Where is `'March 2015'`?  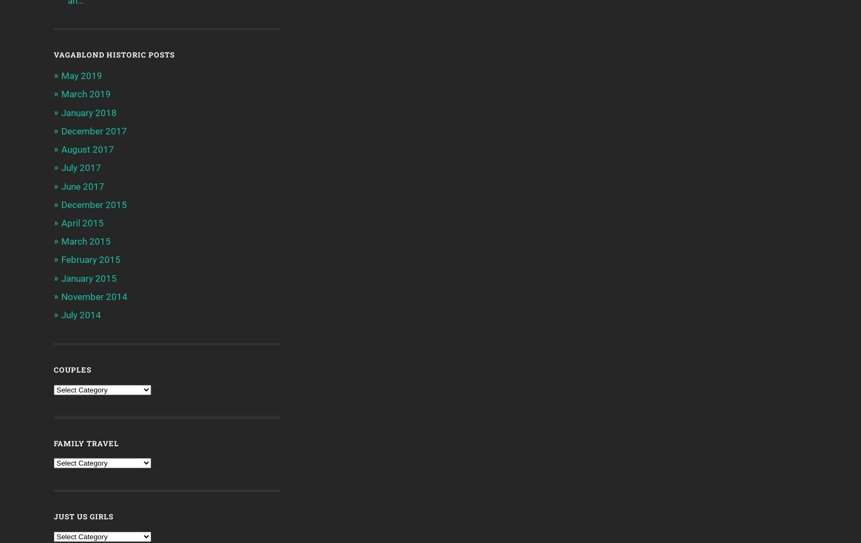 'March 2015' is located at coordinates (60, 241).